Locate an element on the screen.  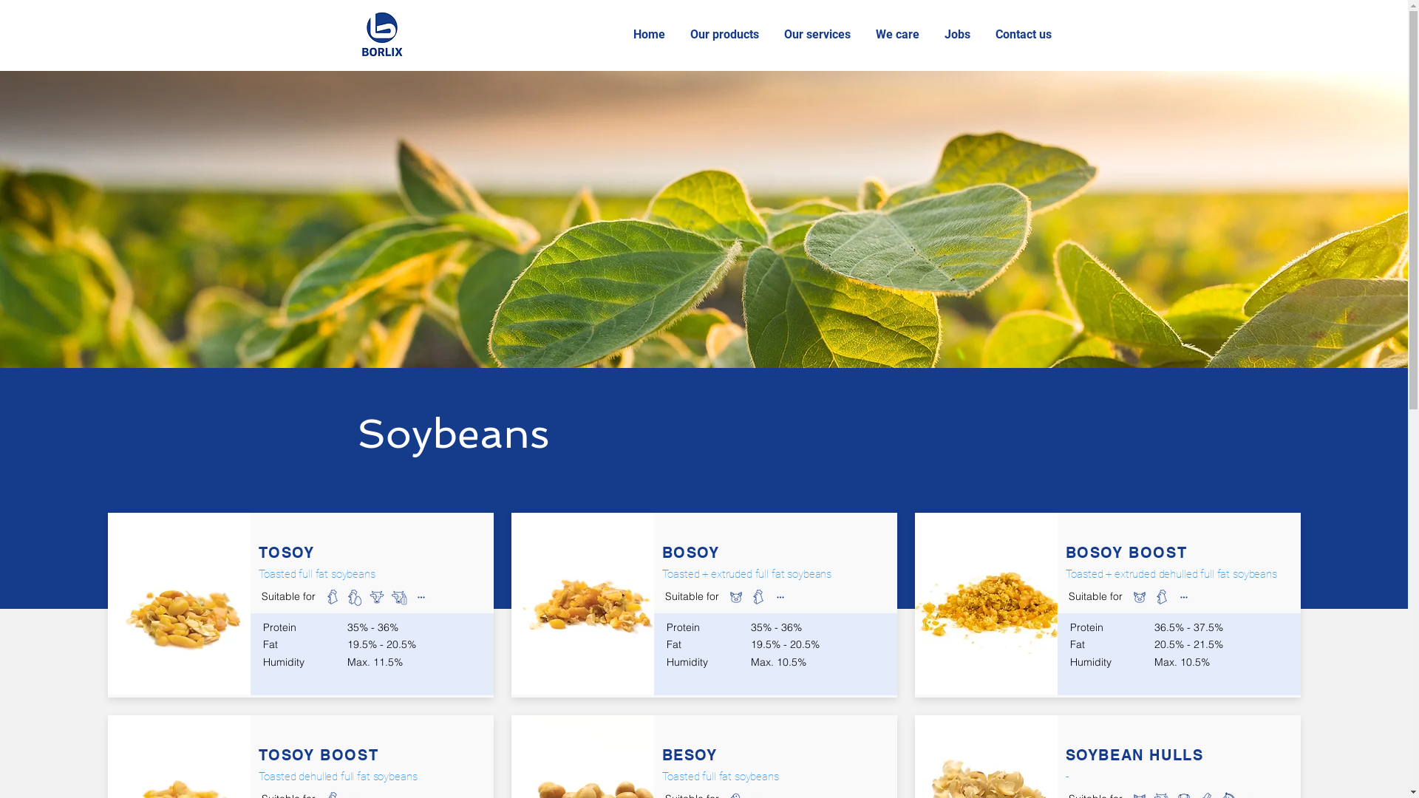
'We care' is located at coordinates (865, 33).